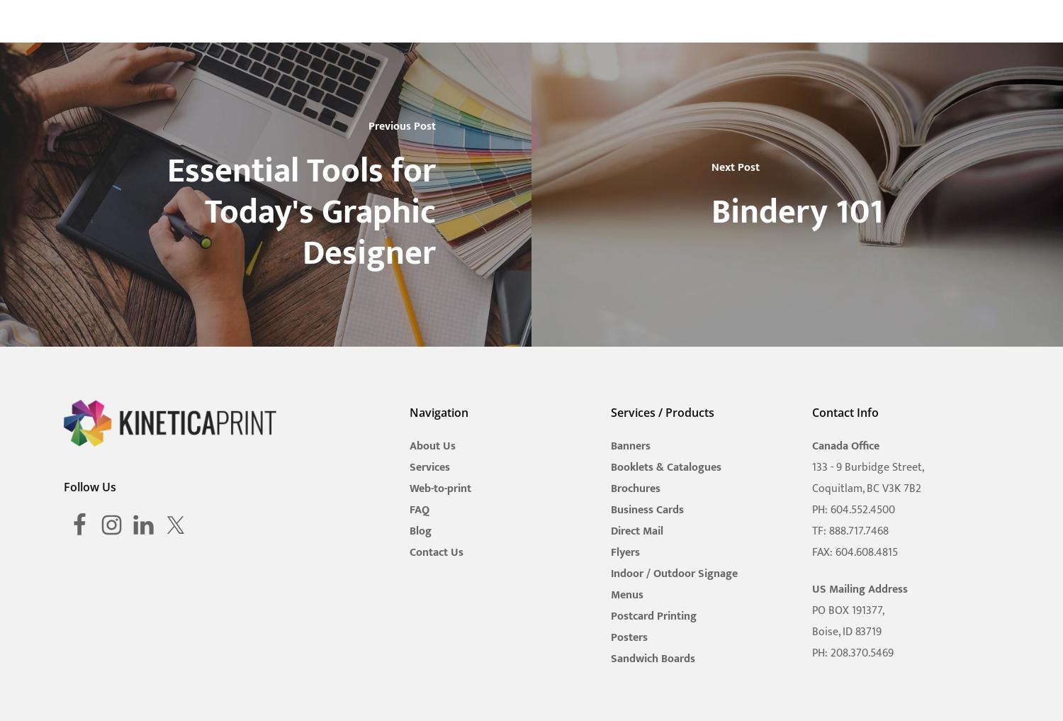 This screenshot has width=1063, height=721. I want to click on 'PO BOX 191377,', so click(811, 610).